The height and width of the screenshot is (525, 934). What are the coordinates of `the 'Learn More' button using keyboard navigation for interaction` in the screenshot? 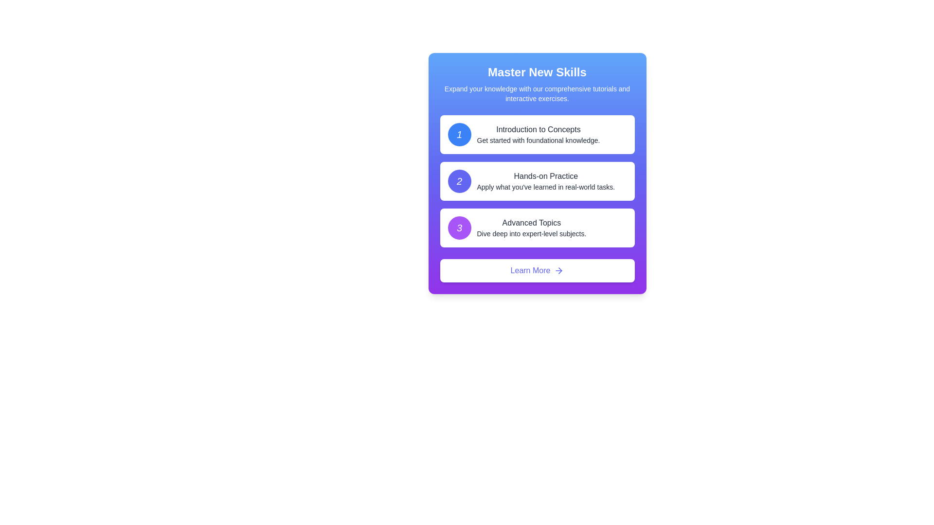 It's located at (537, 270).